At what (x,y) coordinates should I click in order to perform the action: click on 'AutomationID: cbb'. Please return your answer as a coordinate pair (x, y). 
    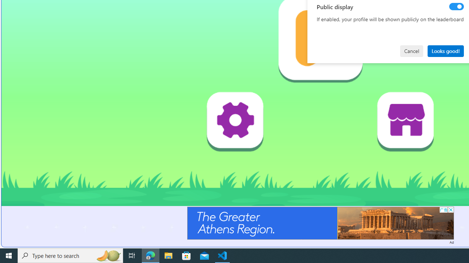
    Looking at the image, I should click on (450, 210).